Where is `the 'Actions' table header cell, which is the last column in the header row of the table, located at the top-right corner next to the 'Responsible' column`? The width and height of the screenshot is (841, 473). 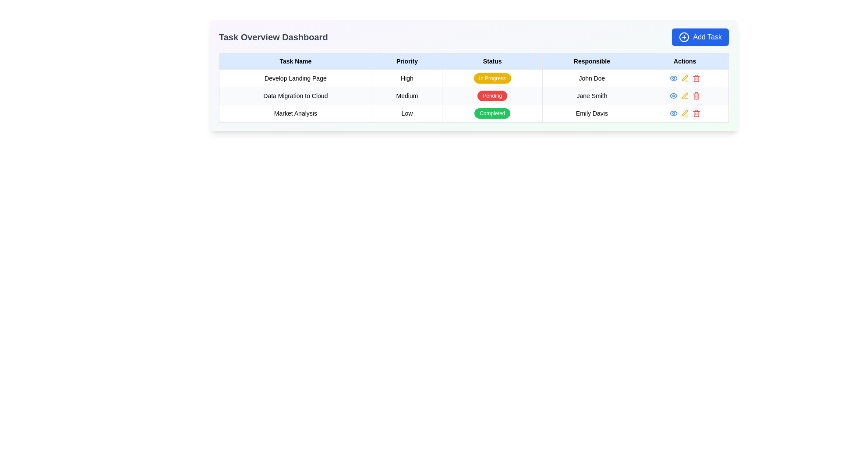
the 'Actions' table header cell, which is the last column in the header row of the table, located at the top-right corner next to the 'Responsible' column is located at coordinates (684, 60).